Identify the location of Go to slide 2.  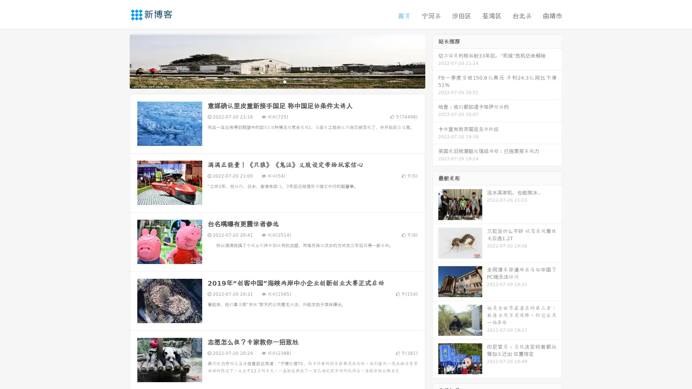
(277, 81).